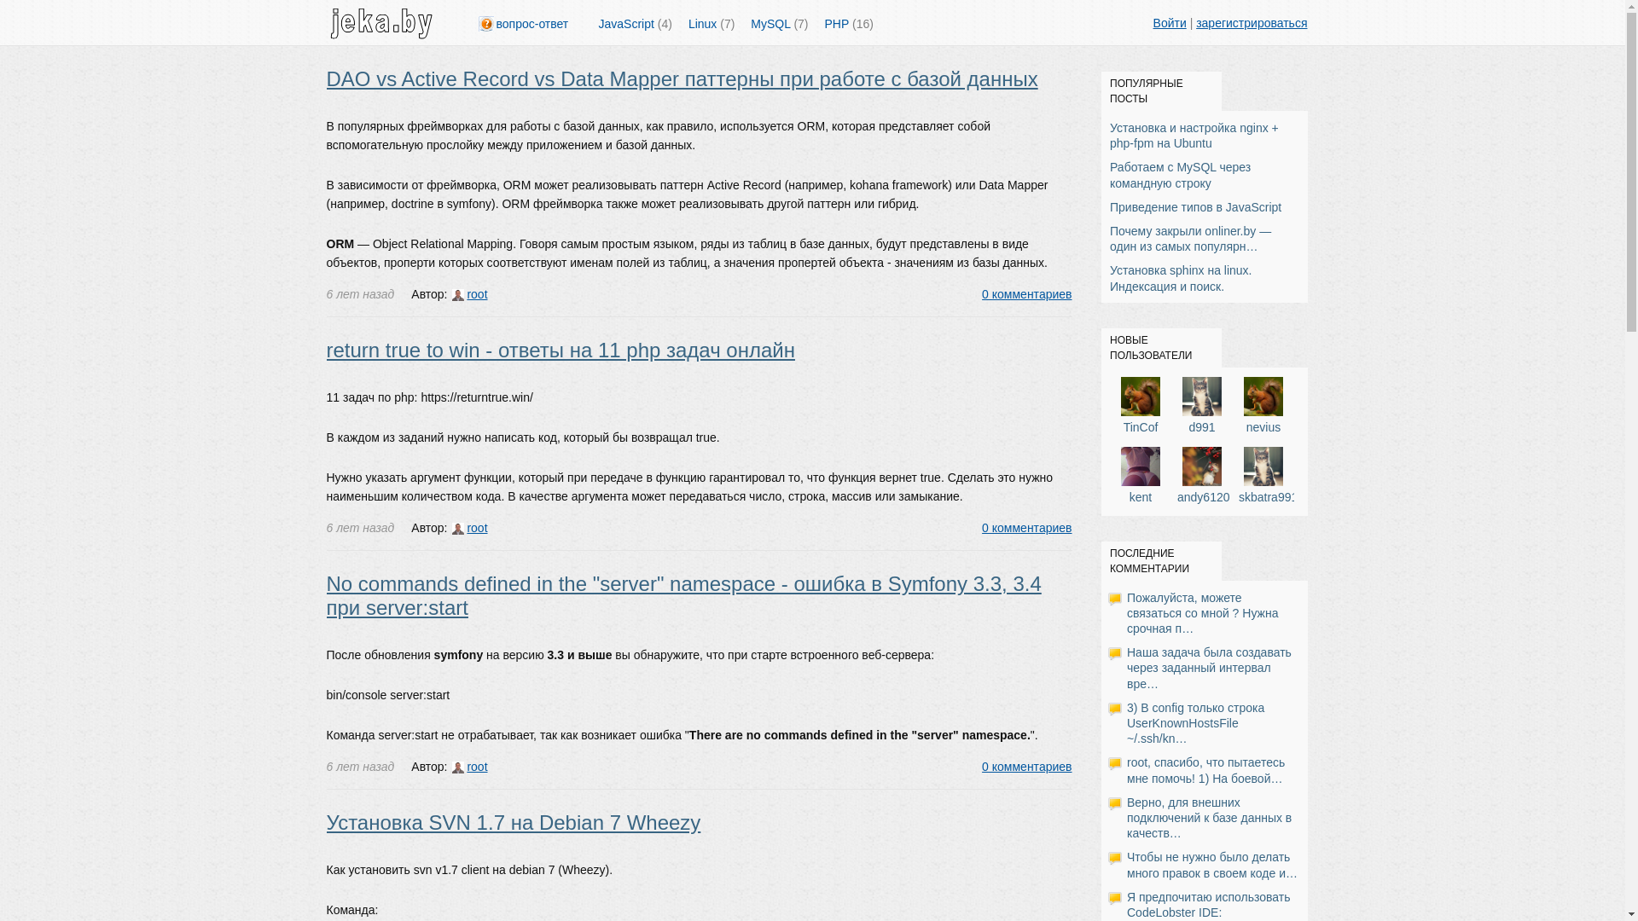 The height and width of the screenshot is (921, 1638). Describe the element at coordinates (1121, 420) in the screenshot. I see `'TinCof'` at that location.